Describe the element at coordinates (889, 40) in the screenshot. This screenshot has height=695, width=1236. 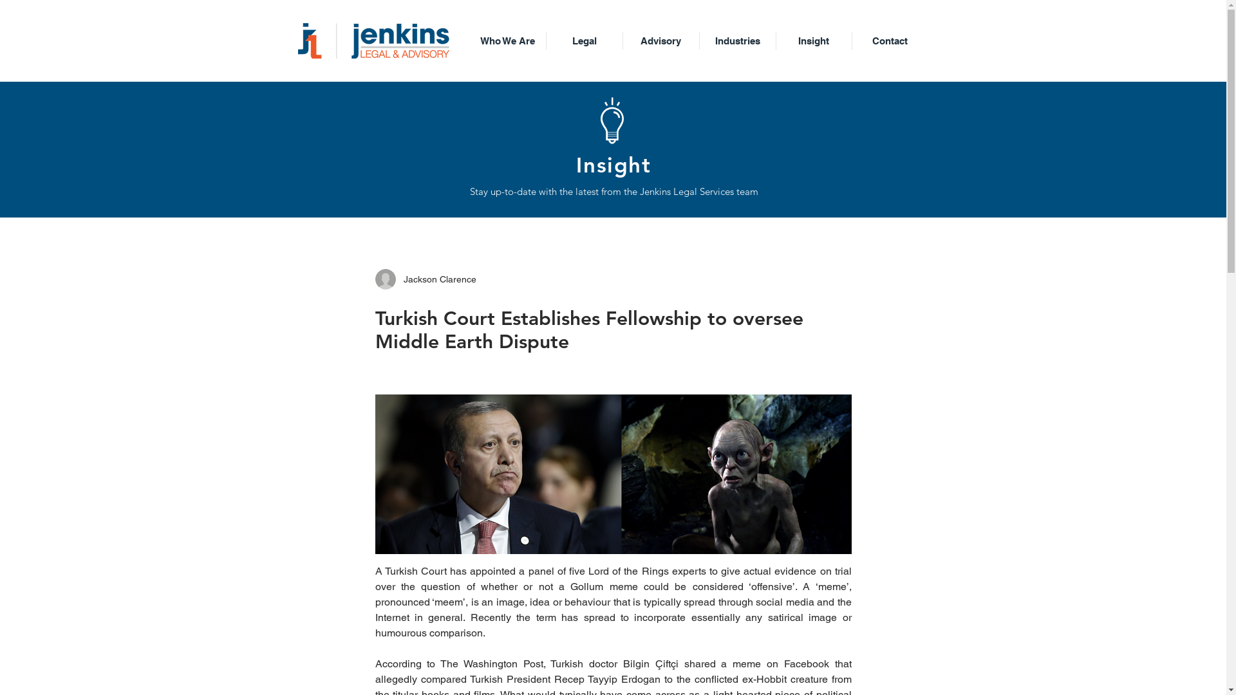
I see `'Contact'` at that location.